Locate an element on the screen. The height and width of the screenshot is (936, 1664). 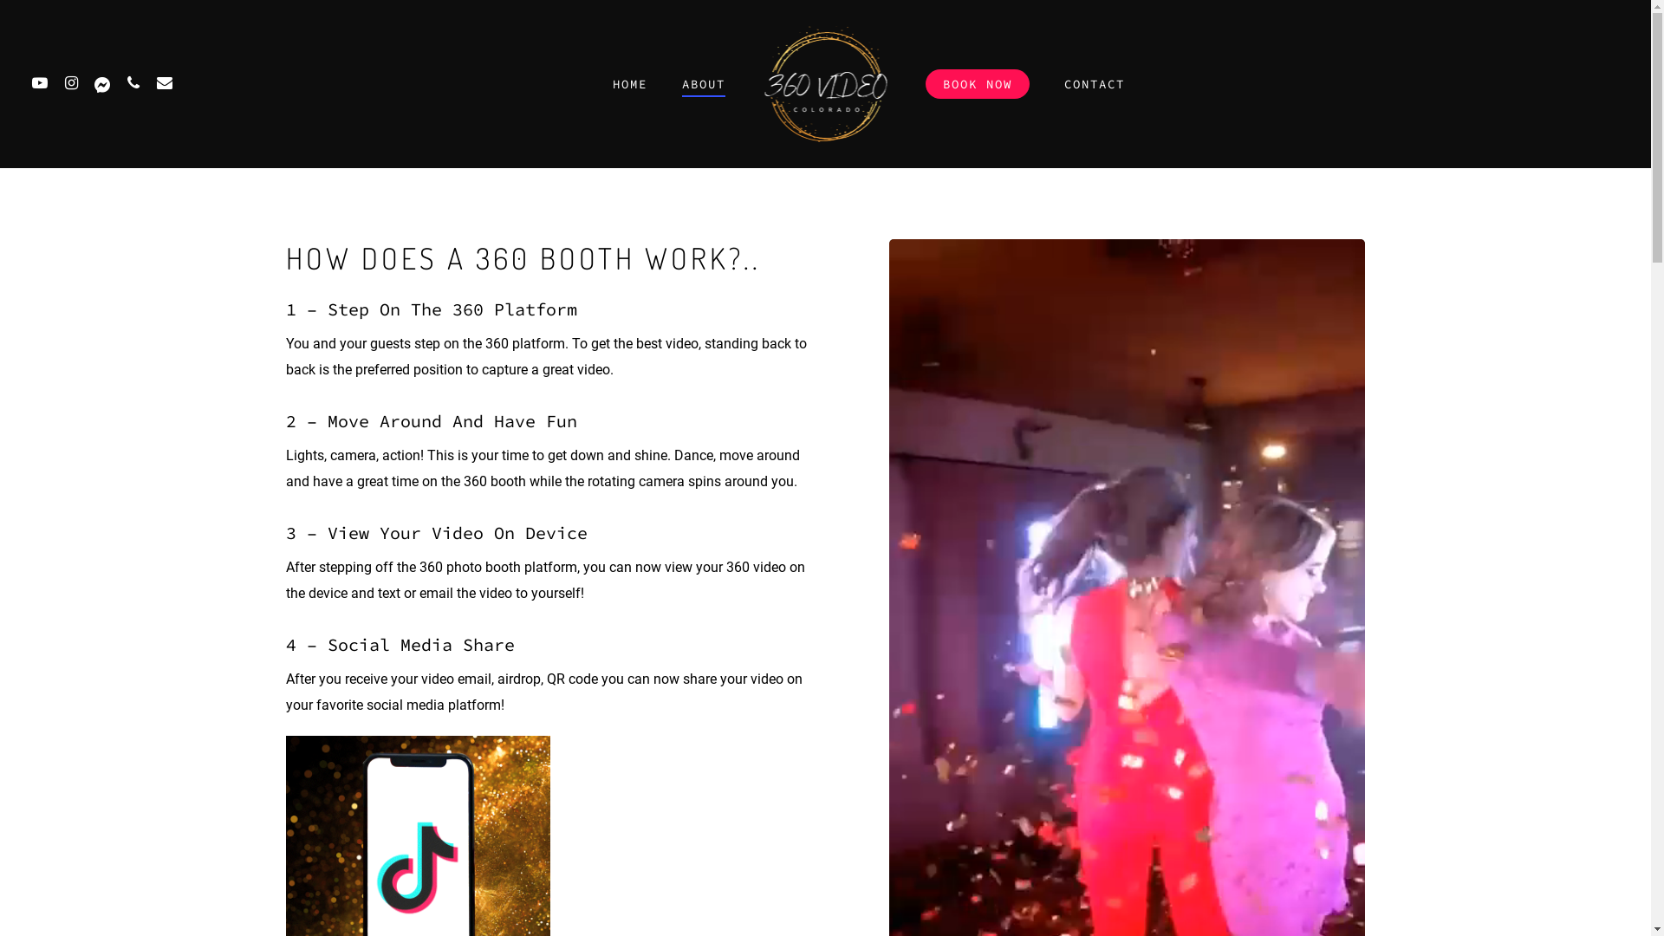
'INSTAGRAM' is located at coordinates (55, 83).